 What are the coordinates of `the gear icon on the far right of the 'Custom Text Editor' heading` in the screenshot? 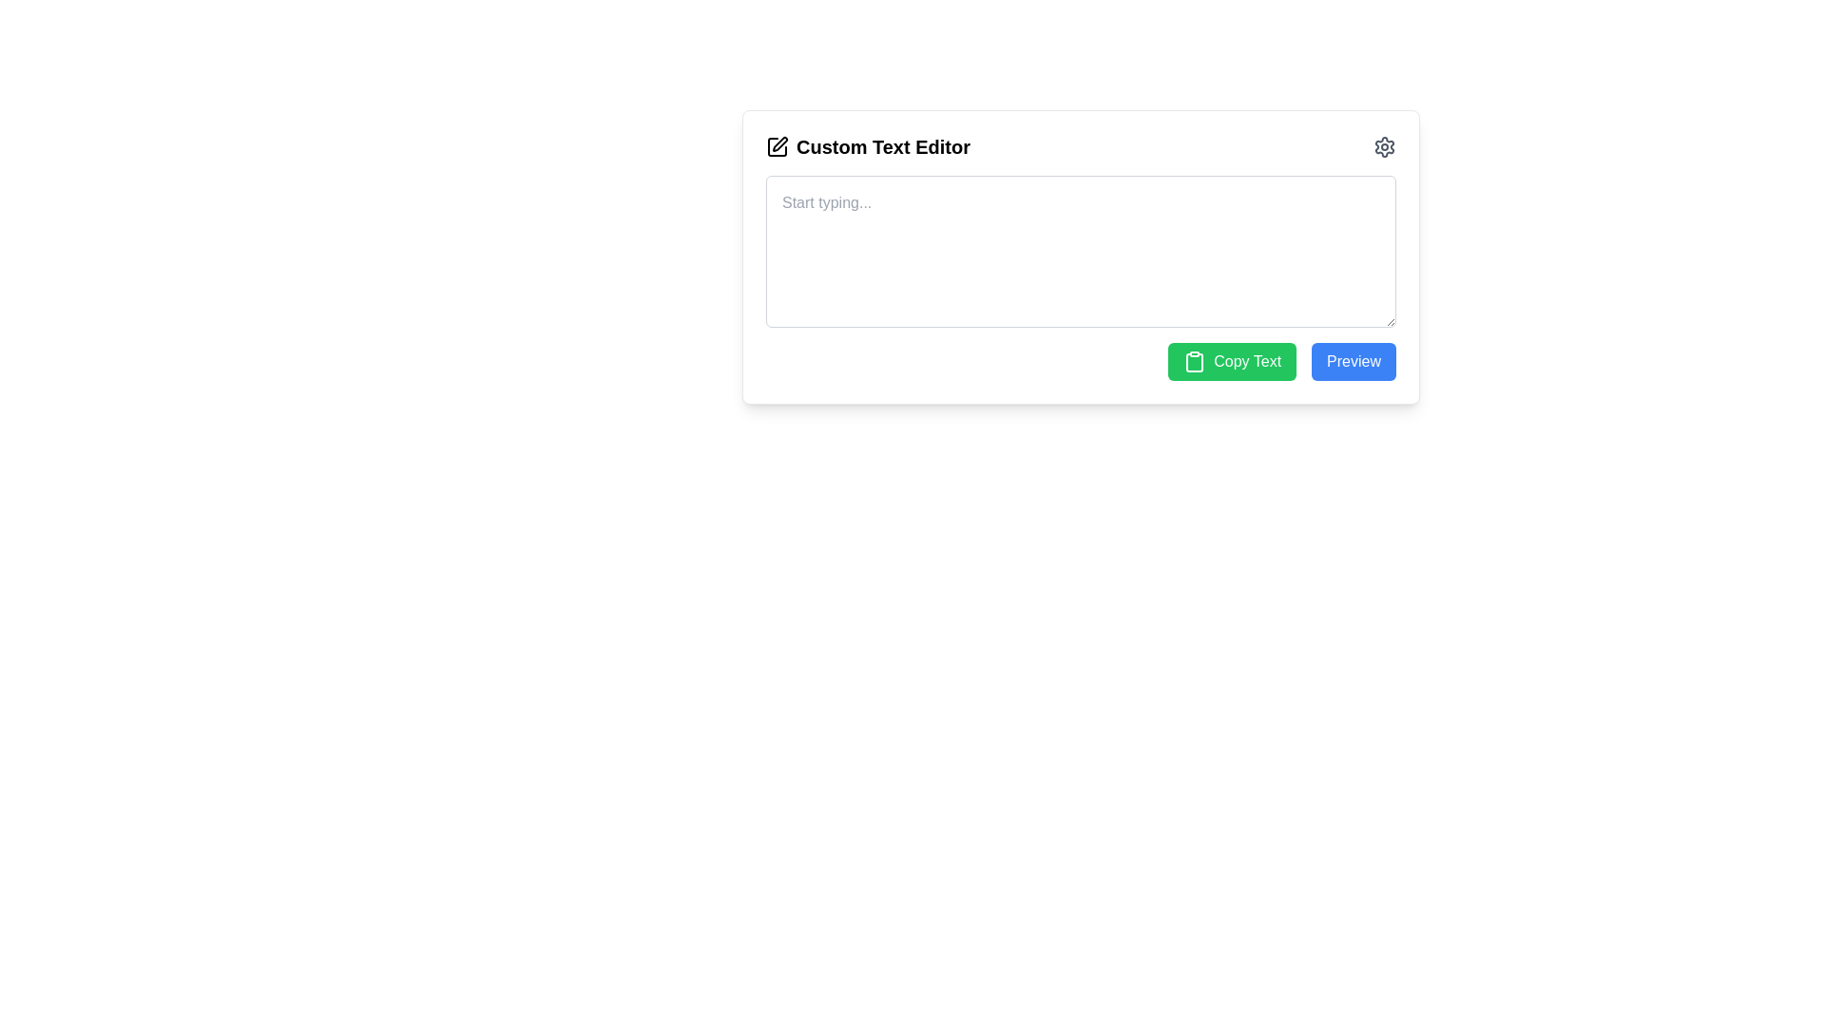 It's located at (1385, 145).